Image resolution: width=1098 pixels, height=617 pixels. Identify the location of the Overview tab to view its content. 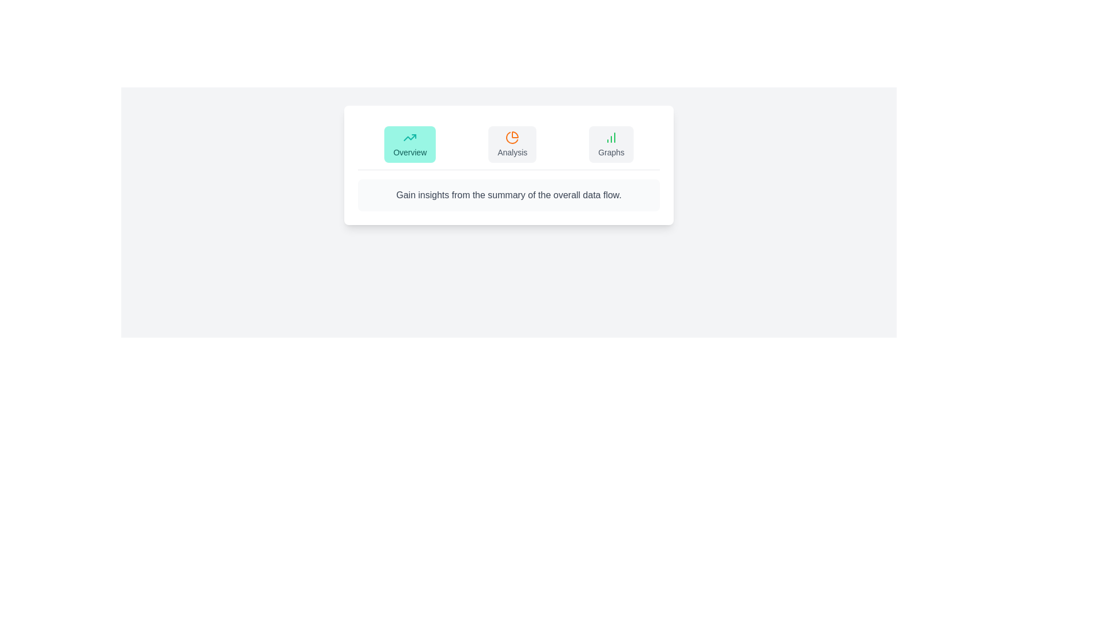
(409, 144).